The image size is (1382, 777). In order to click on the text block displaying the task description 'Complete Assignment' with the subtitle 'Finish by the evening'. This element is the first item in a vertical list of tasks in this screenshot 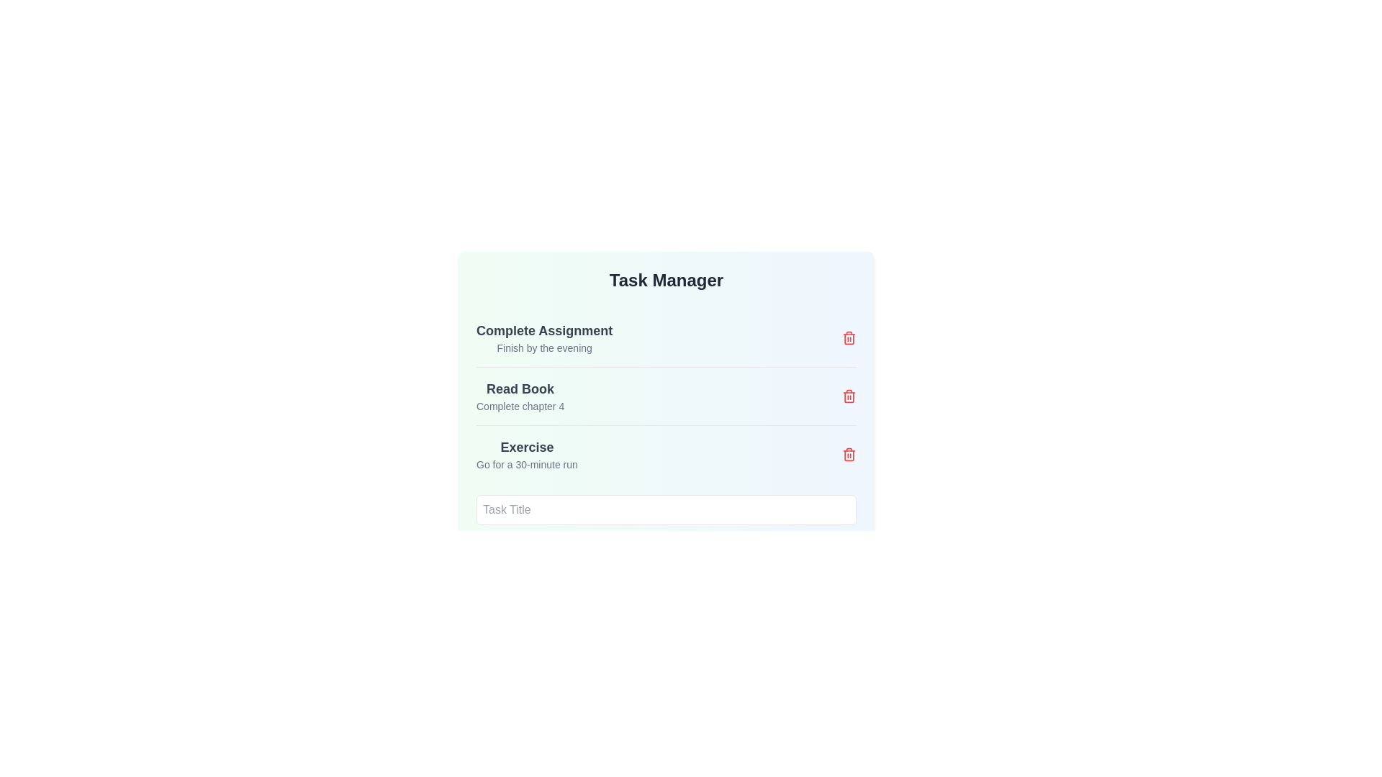, I will do `click(543, 338)`.